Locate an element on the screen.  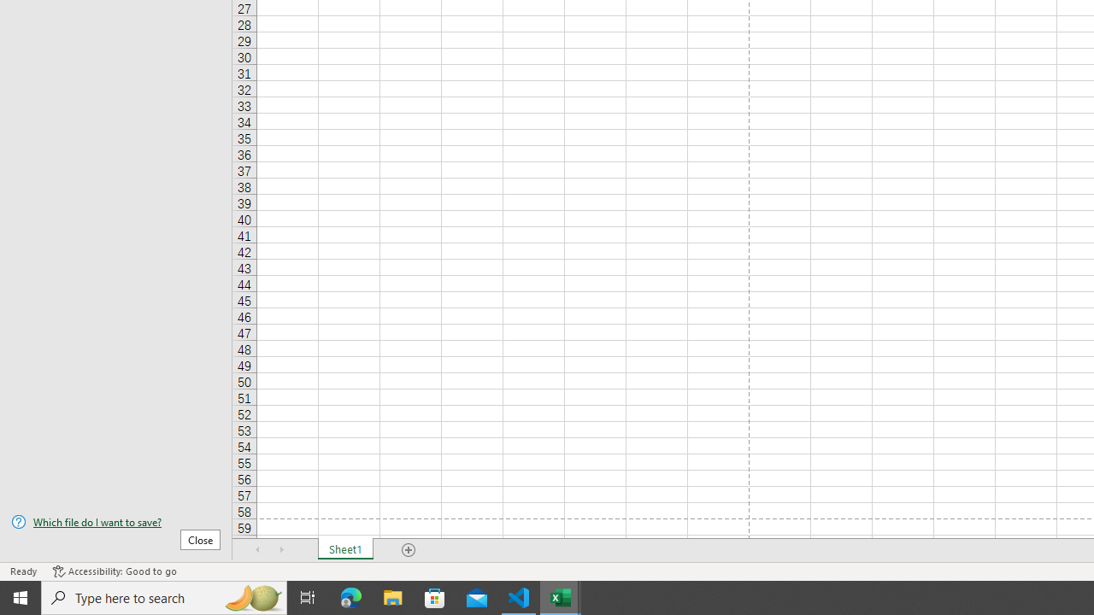
'Close' is located at coordinates (200, 539).